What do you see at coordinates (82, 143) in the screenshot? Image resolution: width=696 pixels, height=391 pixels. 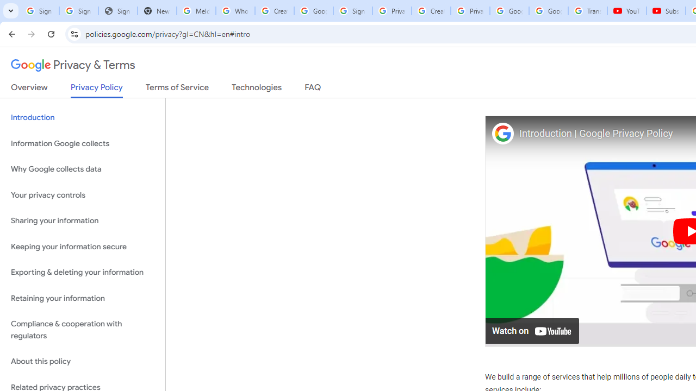 I see `'Information Google collects'` at bounding box center [82, 143].